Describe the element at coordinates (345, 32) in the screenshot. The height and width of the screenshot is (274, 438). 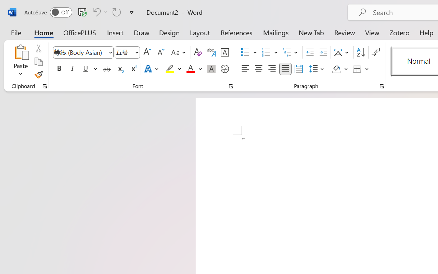
I see `'Review'` at that location.